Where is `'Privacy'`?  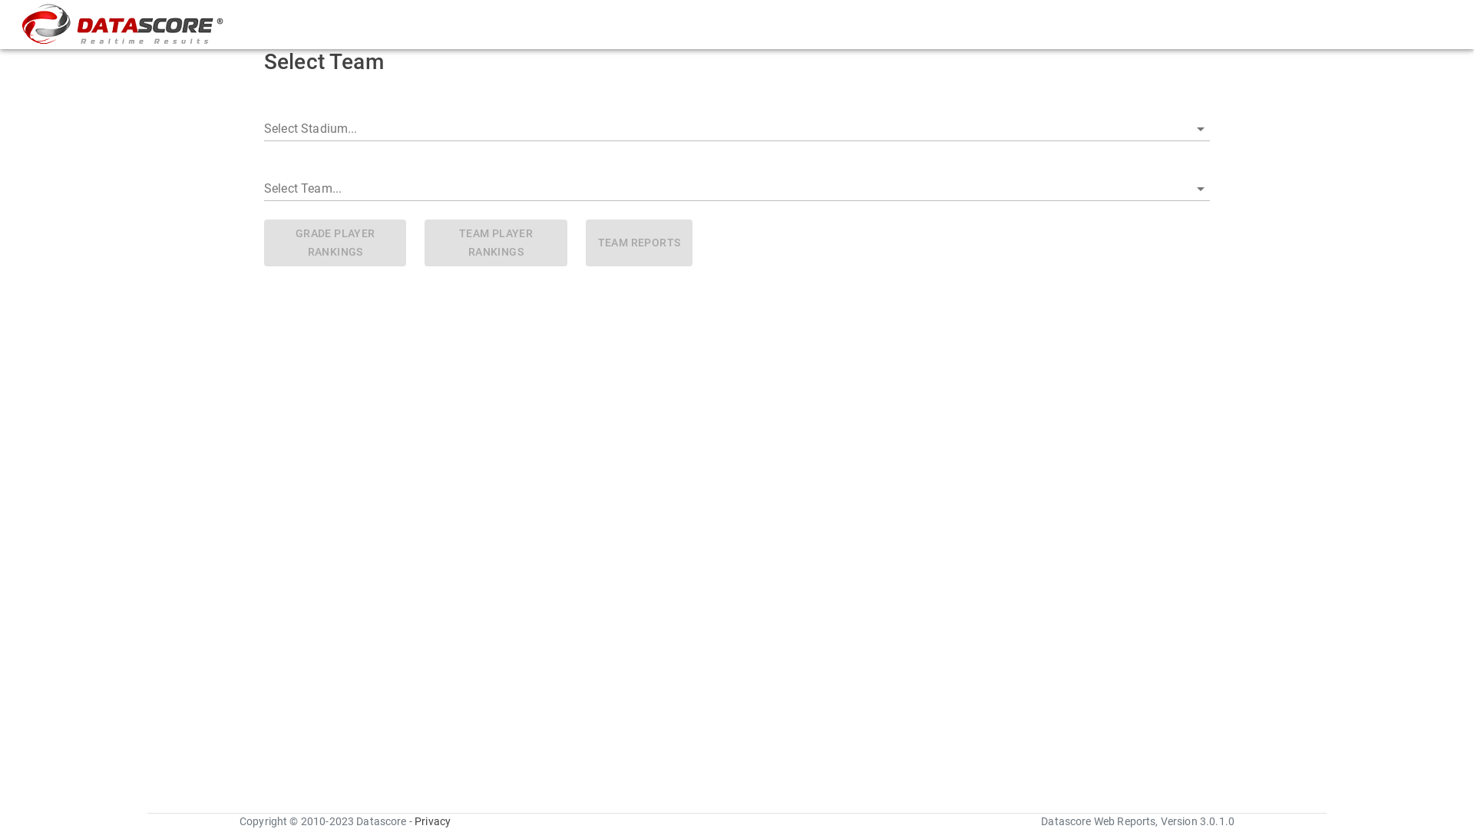
'Privacy' is located at coordinates (456, 821).